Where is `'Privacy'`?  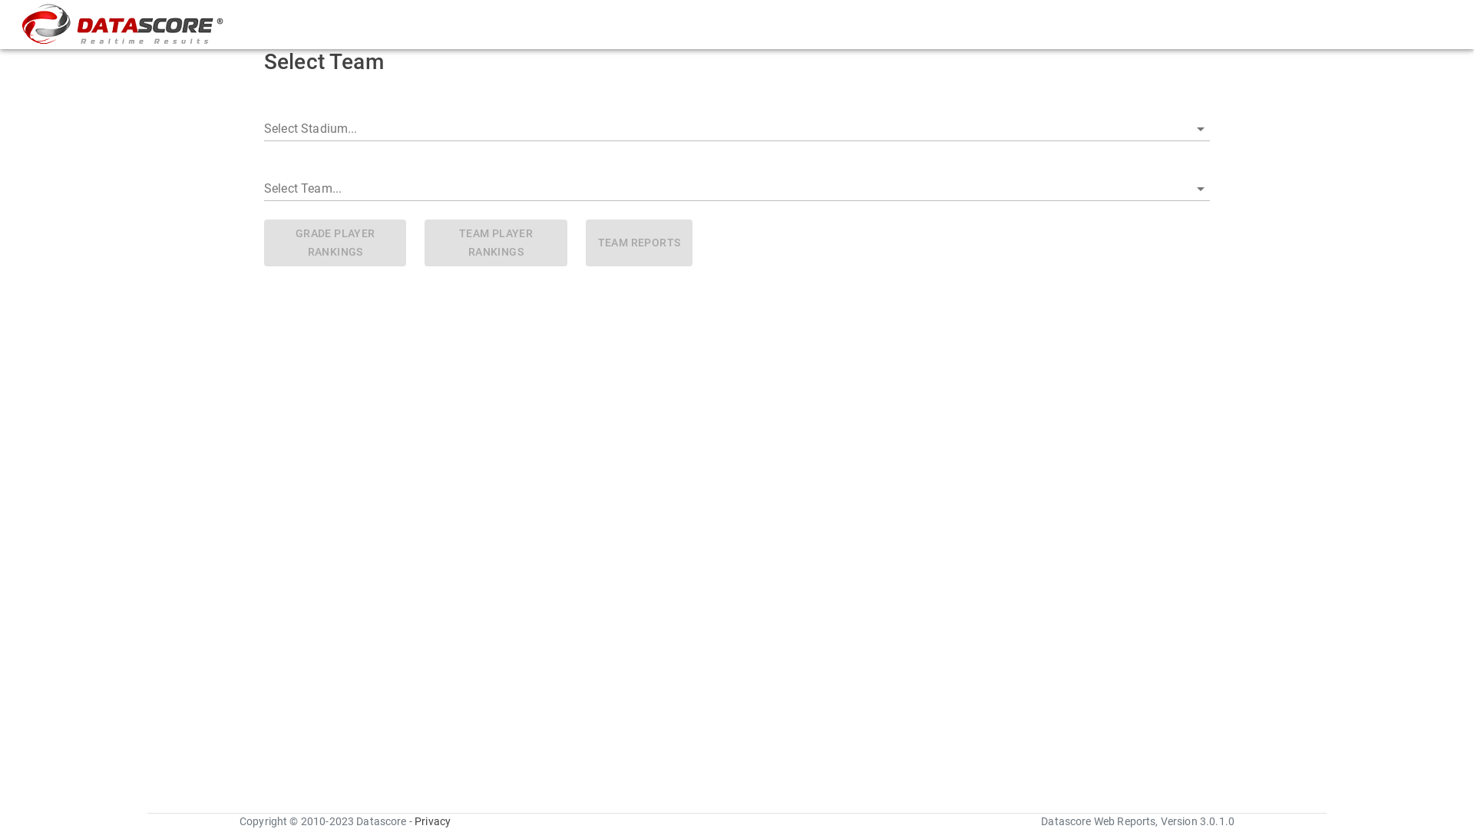
'Privacy' is located at coordinates (456, 821).